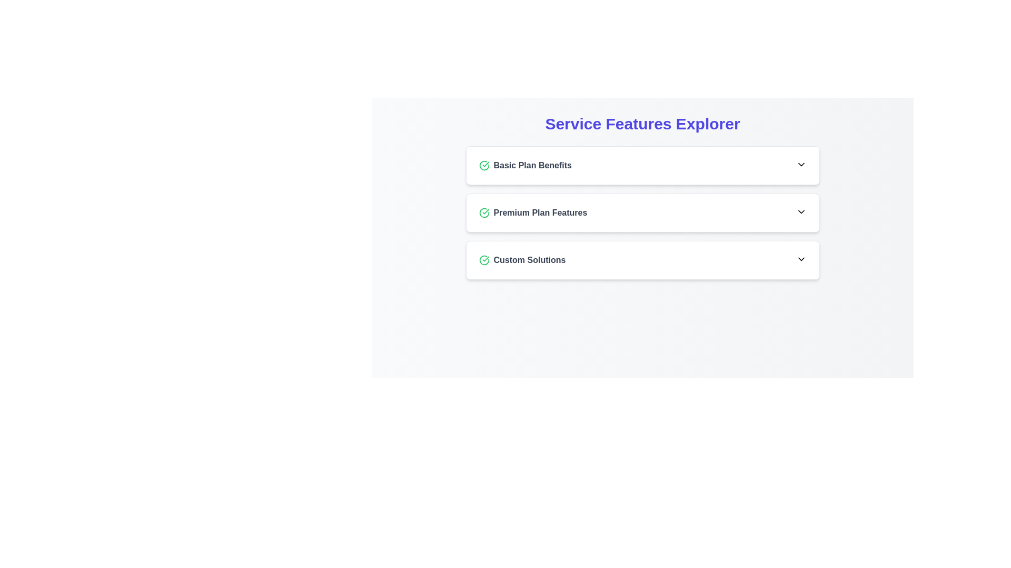 This screenshot has width=1011, height=568. I want to click on text of the label for the premium plan, which is the second item in the vertical list of options within the 'Service Features Explorer' section, so click(533, 213).